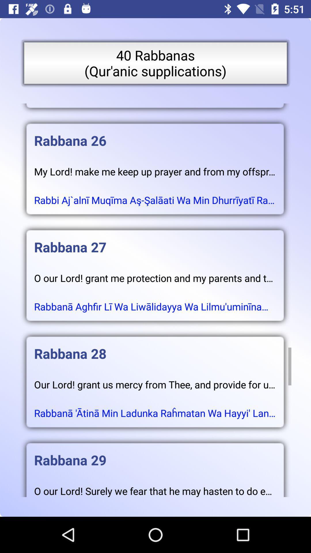 The height and width of the screenshot is (553, 311). Describe the element at coordinates (155, 454) in the screenshot. I see `the rabbana 29` at that location.